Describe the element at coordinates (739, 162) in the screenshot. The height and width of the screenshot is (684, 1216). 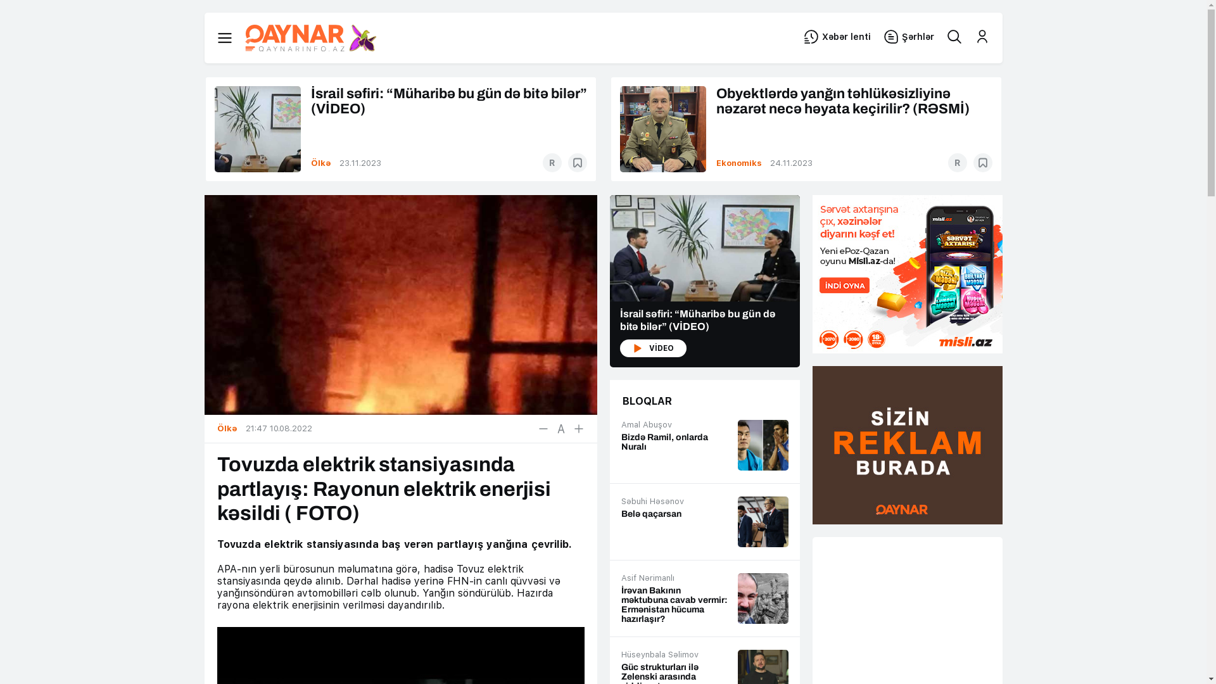
I see `'Ekonomiks'` at that location.